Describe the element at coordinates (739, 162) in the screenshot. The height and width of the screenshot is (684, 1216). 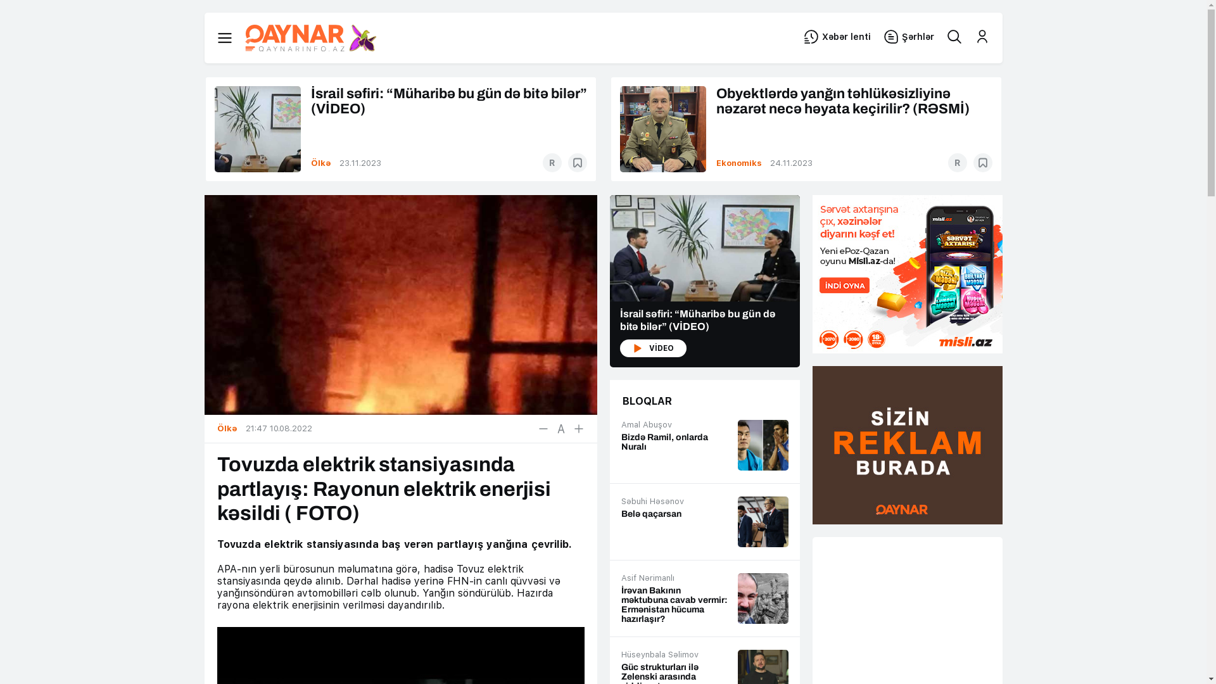
I see `'Ekonomiks'` at that location.